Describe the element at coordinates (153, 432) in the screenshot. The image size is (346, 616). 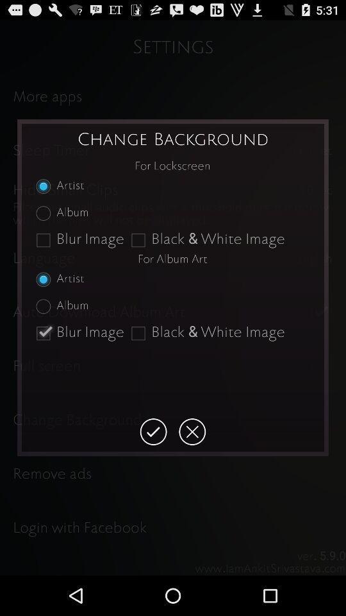
I see `accepts changes` at that location.